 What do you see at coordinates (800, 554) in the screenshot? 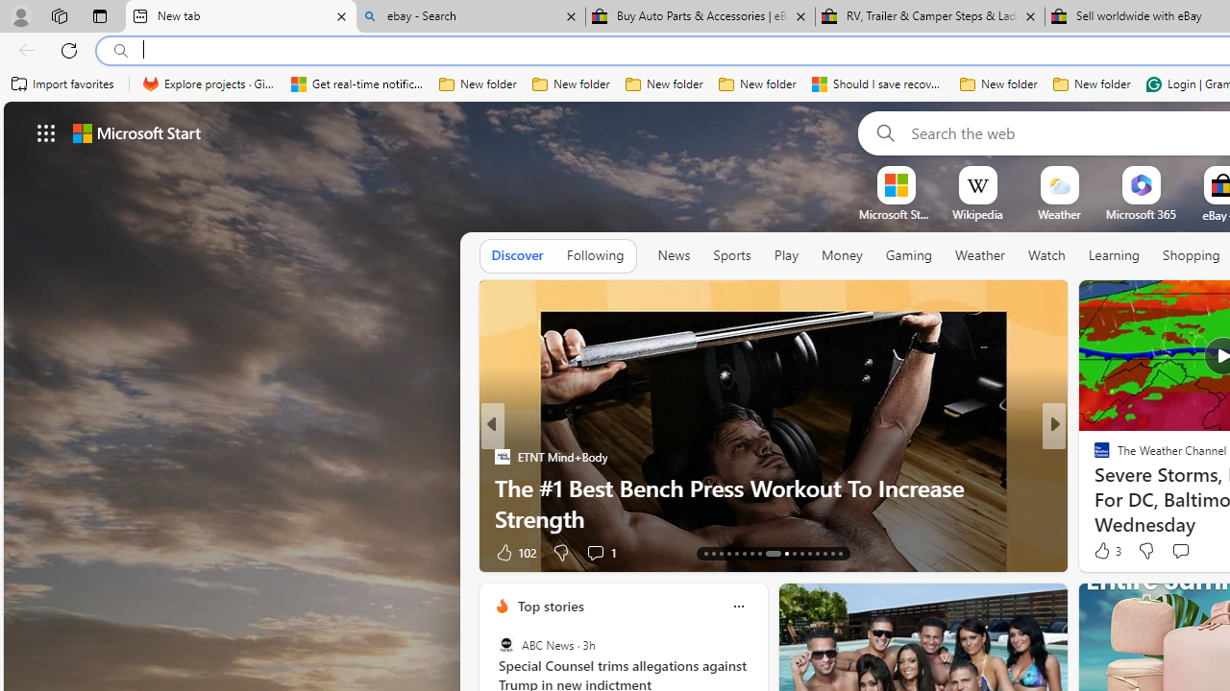
I see `'AutomationID: tab-24'` at bounding box center [800, 554].